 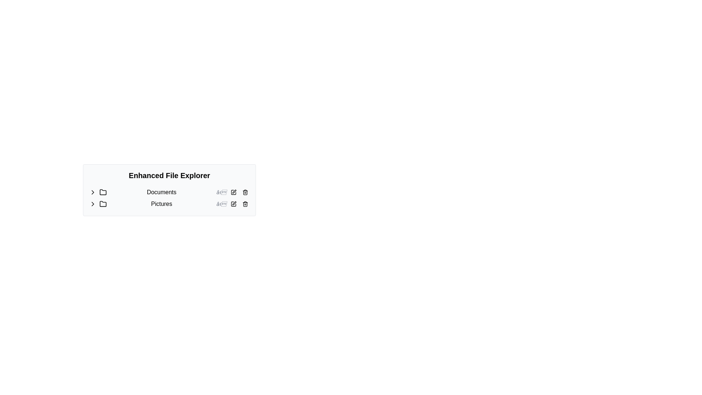 I want to click on the 'Documents' label in the 'Enhanced File Explorer' section, which displays a folder icon to the left and is aligned with other icons like edit and delete, so click(x=169, y=192).